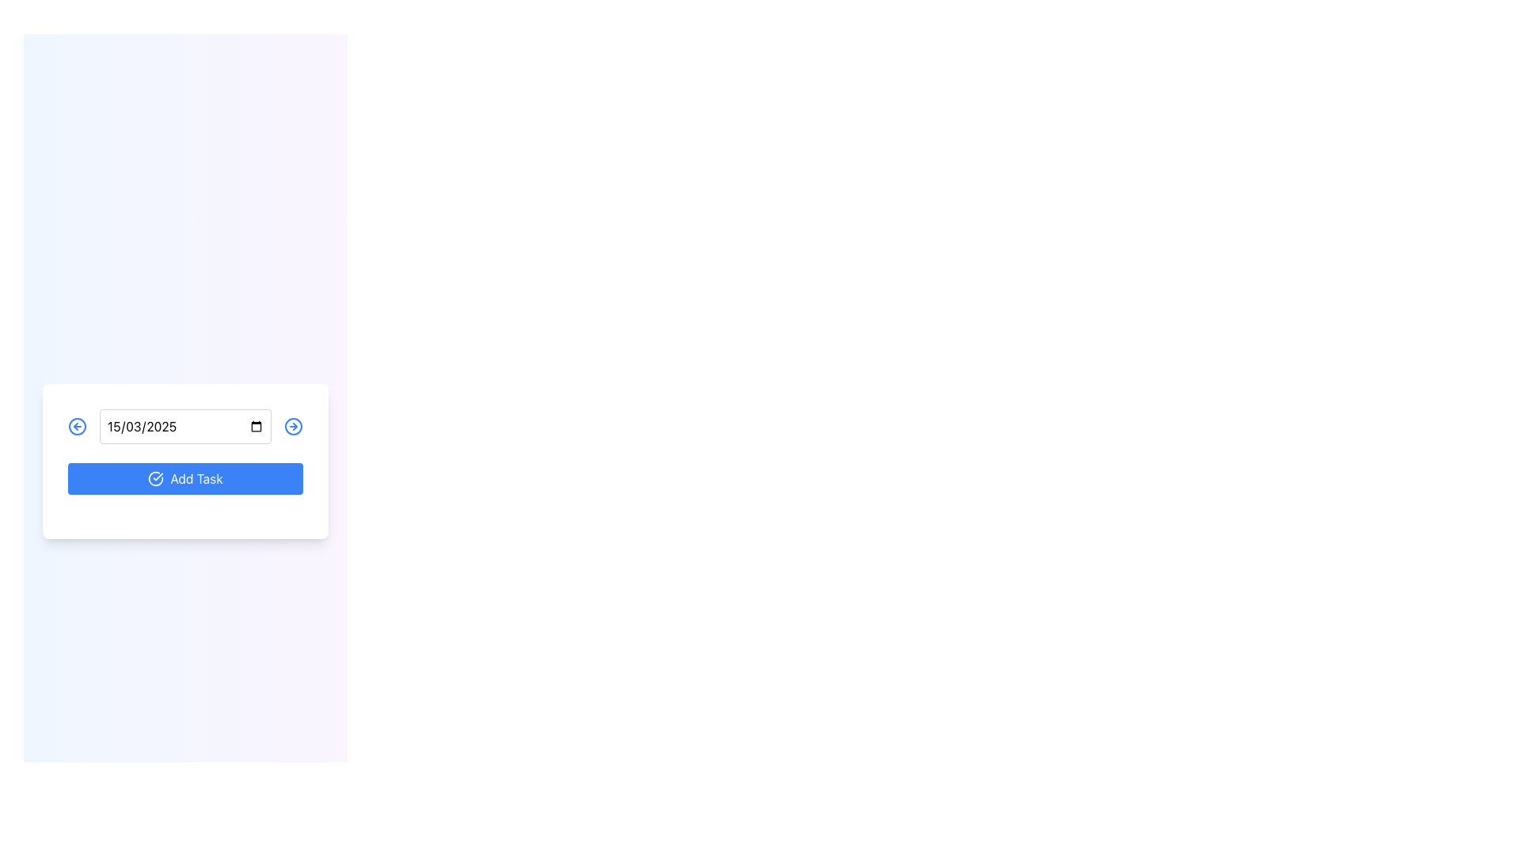 This screenshot has width=1520, height=855. What do you see at coordinates (185, 461) in the screenshot?
I see `the 'Add Task' button, which is a centered rectangular widget with a white background and rounded corners, located beneath the date selection input field` at bounding box center [185, 461].